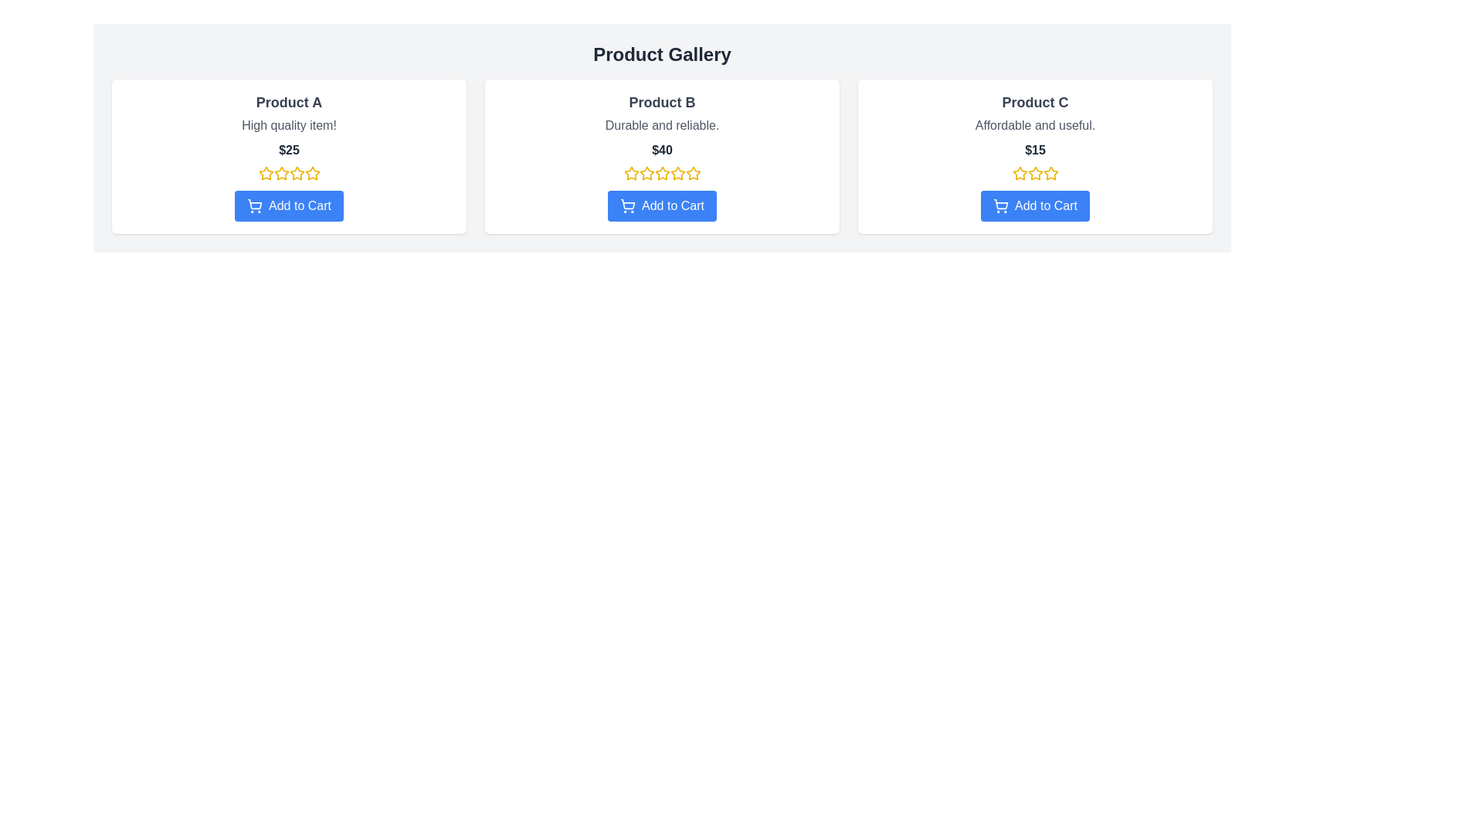 The width and height of the screenshot is (1483, 834). I want to click on the third yellow star-shaped rating icon in the rating system for 'Product B' located centrally in the product gallery, so click(646, 173).